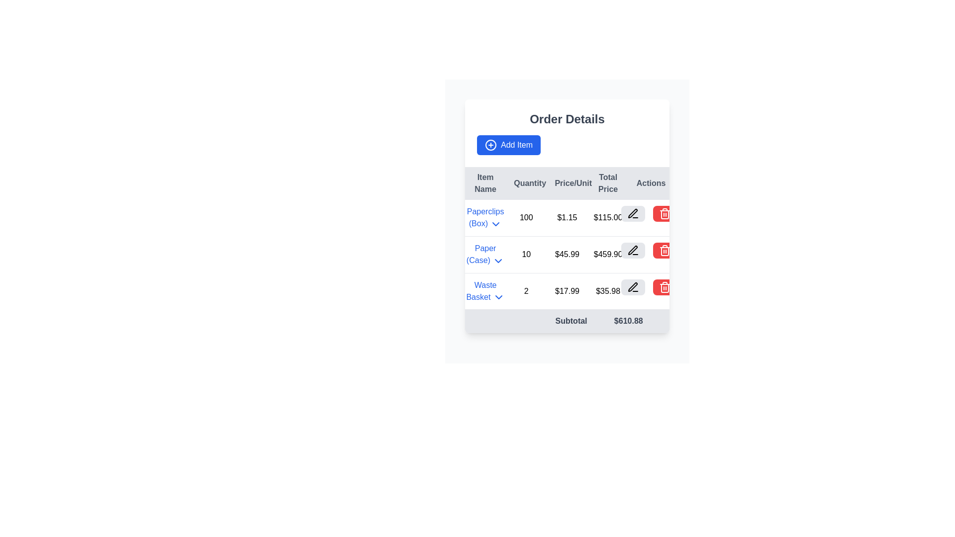 The height and width of the screenshot is (537, 955). I want to click on the unit price text for the item 'Paper (Case)' in the 'Order Details' section, located in the second row under the 'Price/Unit' column, so click(567, 254).